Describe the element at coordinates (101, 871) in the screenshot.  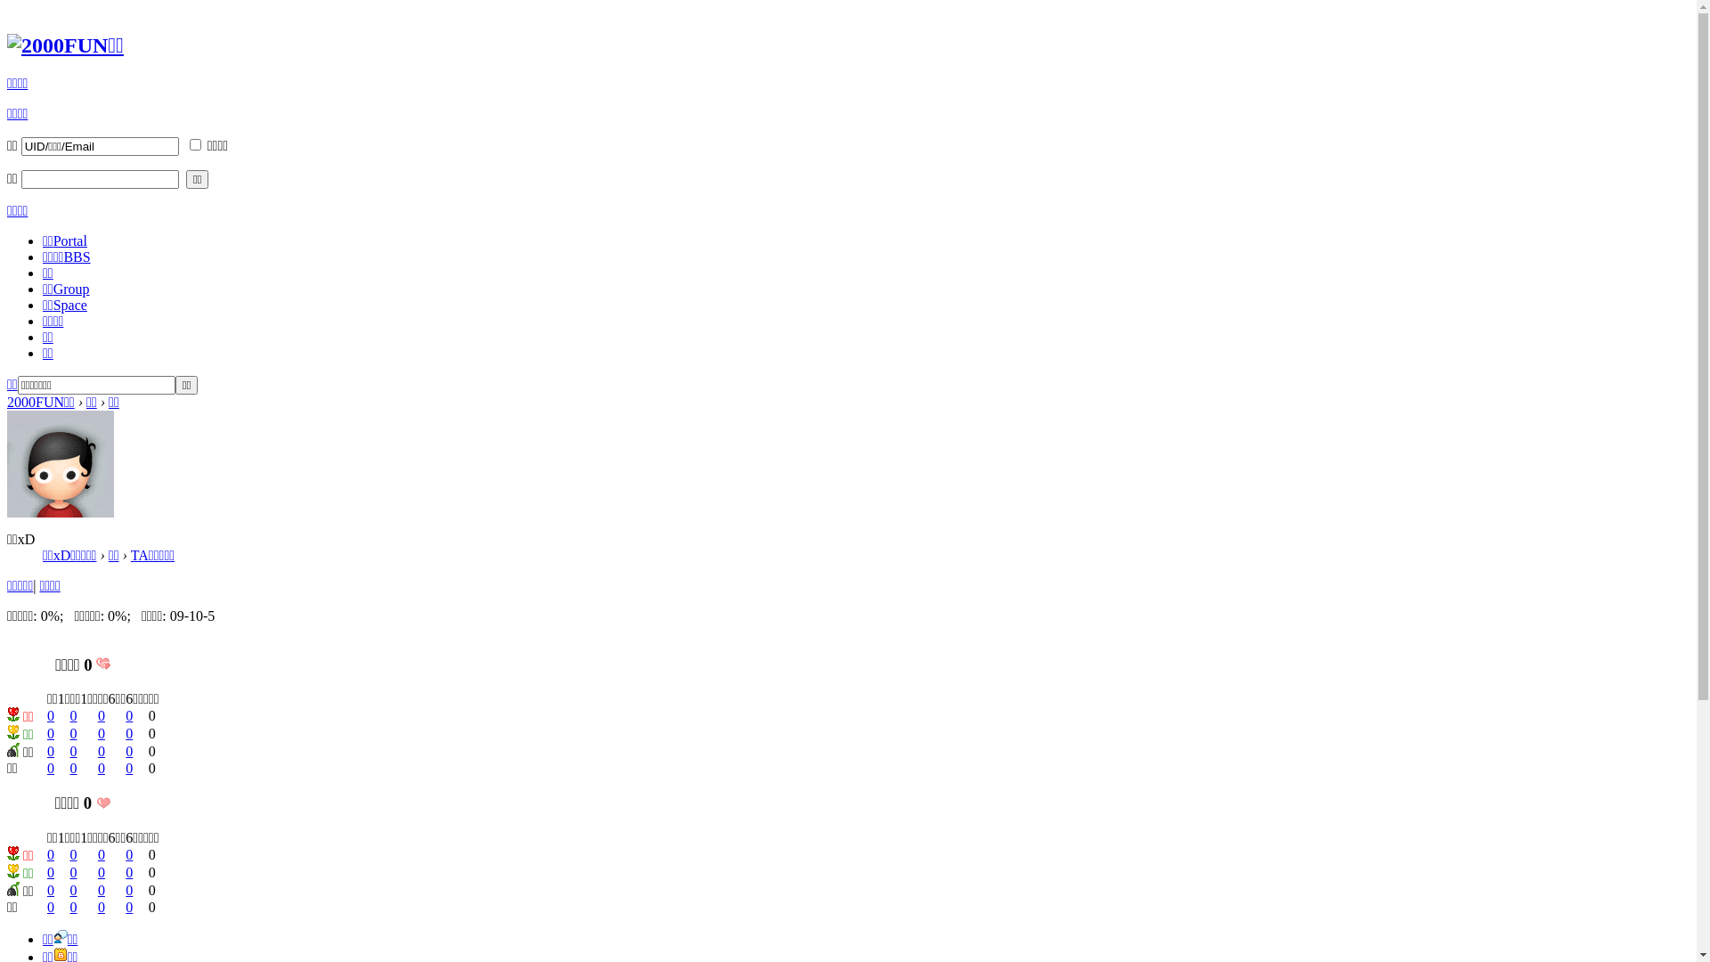
I see `'0'` at that location.